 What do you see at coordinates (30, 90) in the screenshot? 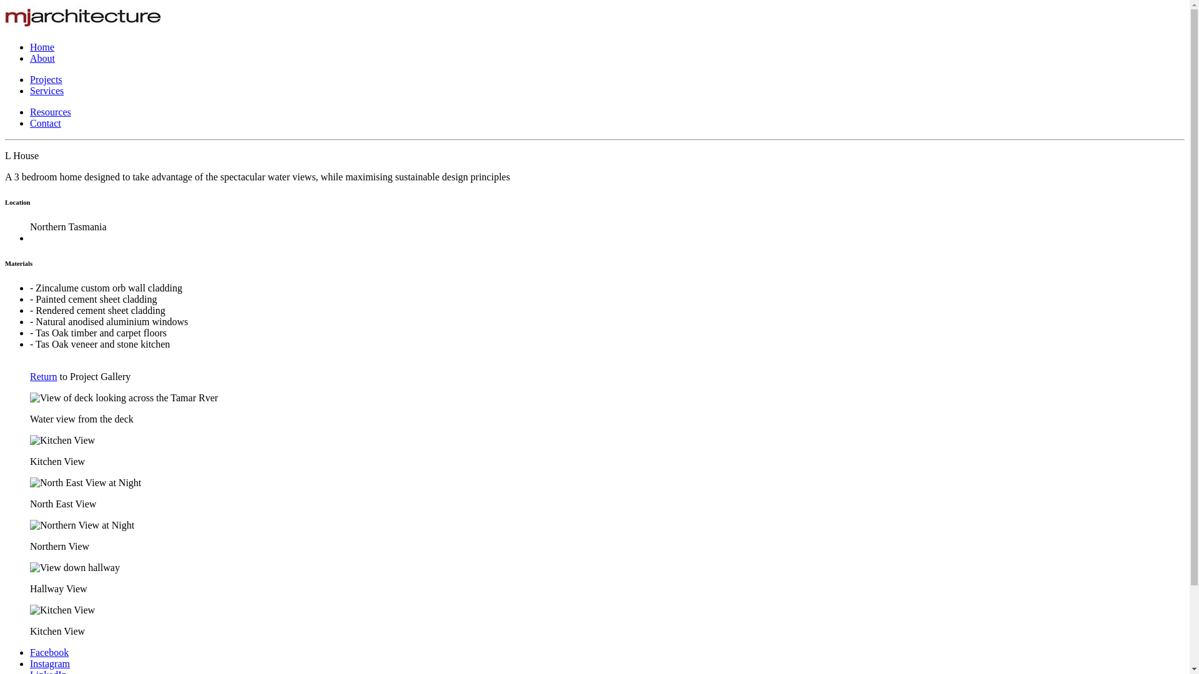
I see `'Services'` at bounding box center [30, 90].